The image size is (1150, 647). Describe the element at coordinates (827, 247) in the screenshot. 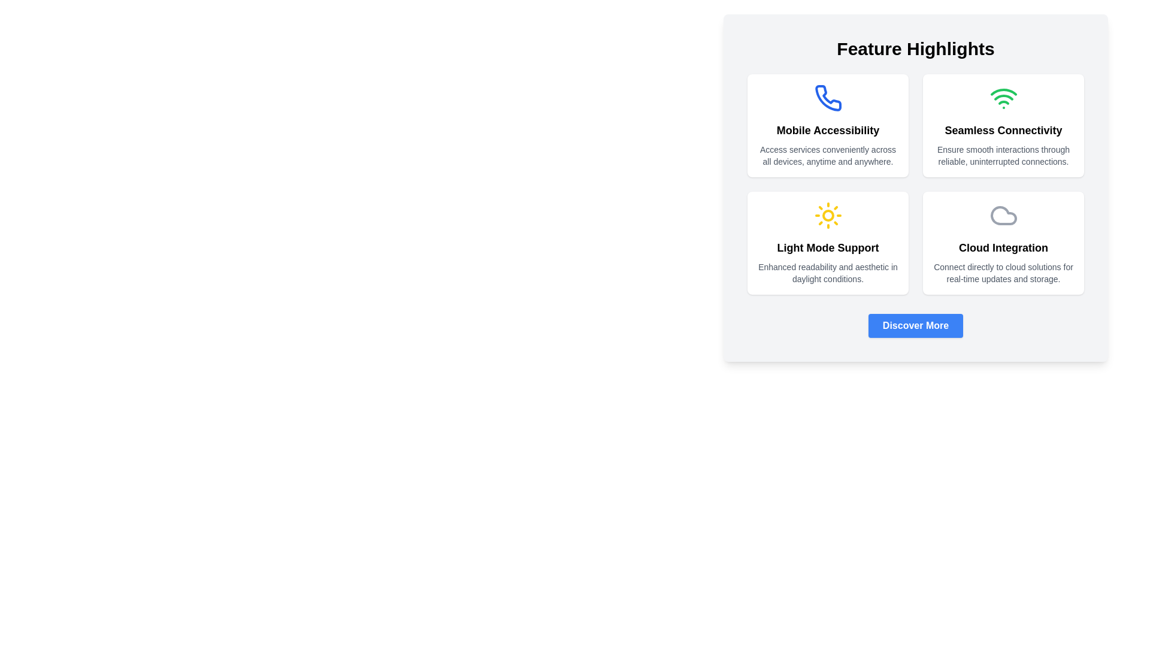

I see `the text label that introduces the feature 'Light Mode Support' located in the bottom-left panel of the grid` at that location.